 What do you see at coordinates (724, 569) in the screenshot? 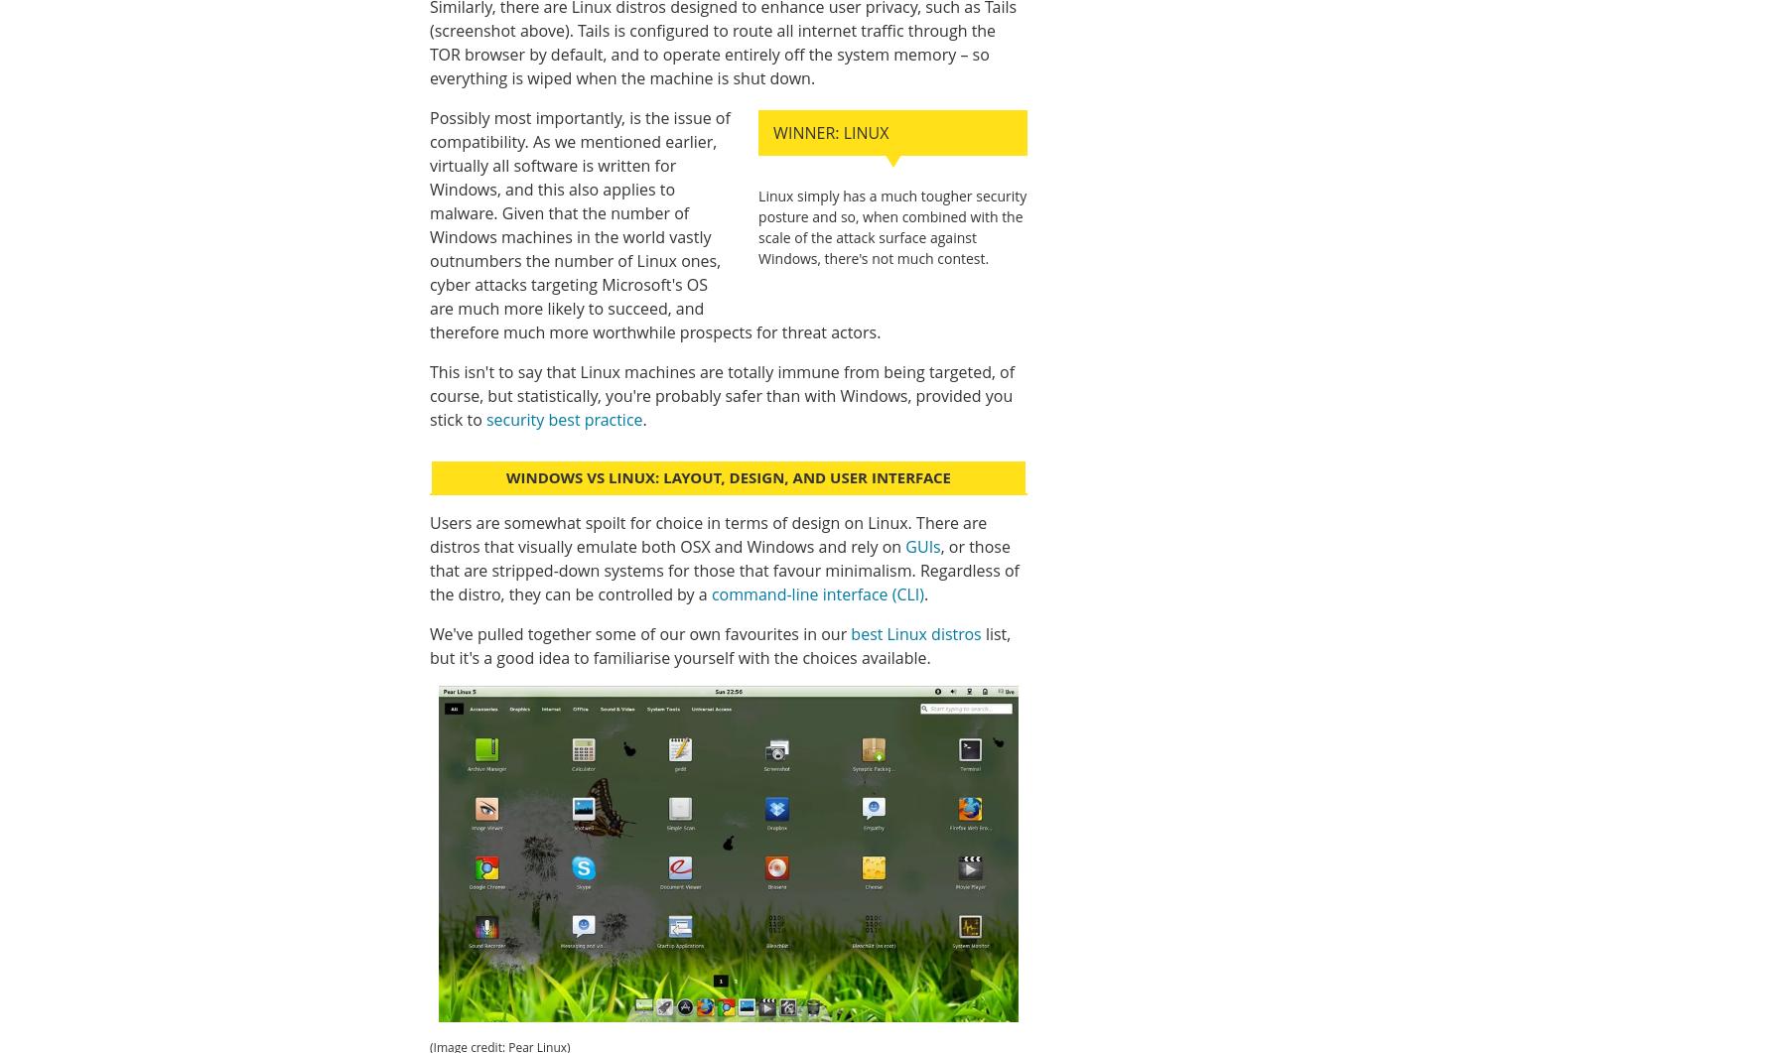
I see `', or those that are stripped-down systems for those that favour minimalism. Regardless of the distro, they can be controlled by a'` at bounding box center [724, 569].